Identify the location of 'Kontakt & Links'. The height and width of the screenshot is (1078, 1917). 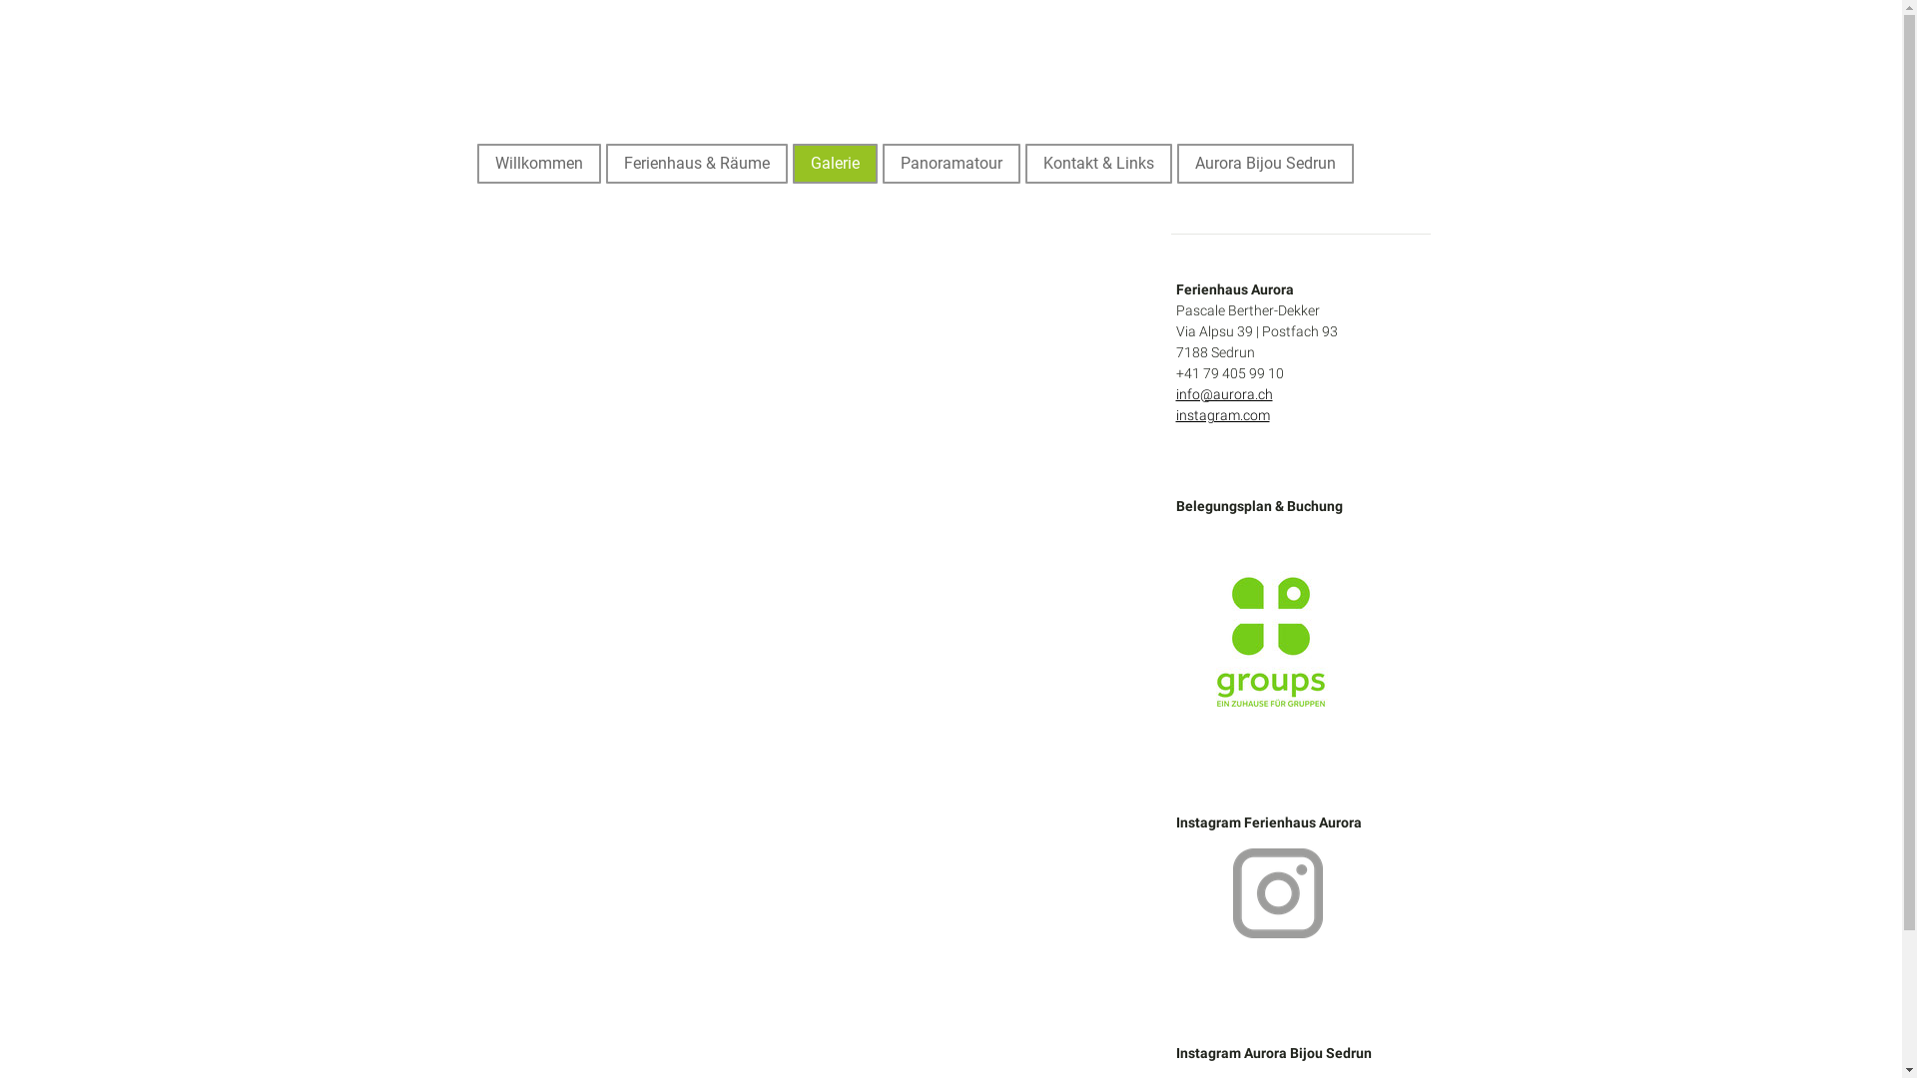
(1096, 163).